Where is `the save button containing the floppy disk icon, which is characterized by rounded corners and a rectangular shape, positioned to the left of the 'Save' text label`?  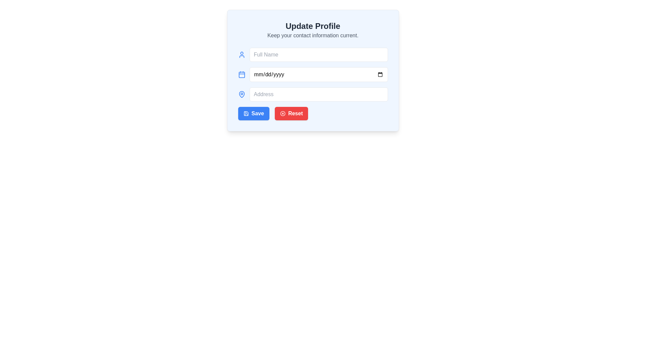
the save button containing the floppy disk icon, which is characterized by rounded corners and a rectangular shape, positioned to the left of the 'Save' text label is located at coordinates (246, 113).